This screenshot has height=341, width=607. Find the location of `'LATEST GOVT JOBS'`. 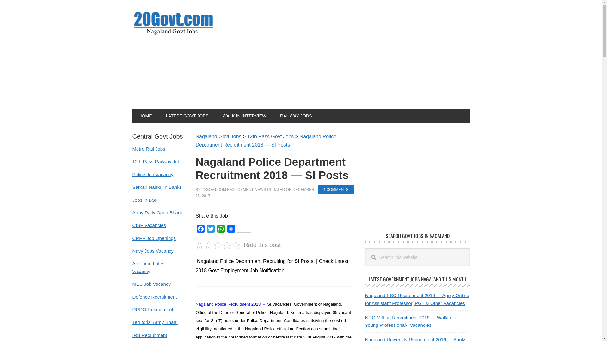

'LATEST GOVT JOBS' is located at coordinates (187, 116).